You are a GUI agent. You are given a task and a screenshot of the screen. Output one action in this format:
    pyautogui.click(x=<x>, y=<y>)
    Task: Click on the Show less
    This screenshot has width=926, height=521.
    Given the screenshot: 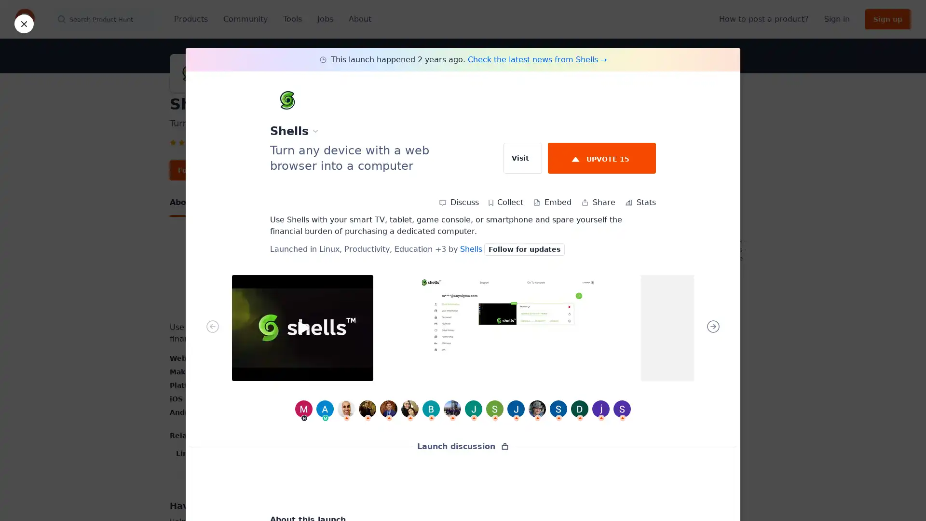 What is the action you would take?
    pyautogui.click(x=362, y=474)
    